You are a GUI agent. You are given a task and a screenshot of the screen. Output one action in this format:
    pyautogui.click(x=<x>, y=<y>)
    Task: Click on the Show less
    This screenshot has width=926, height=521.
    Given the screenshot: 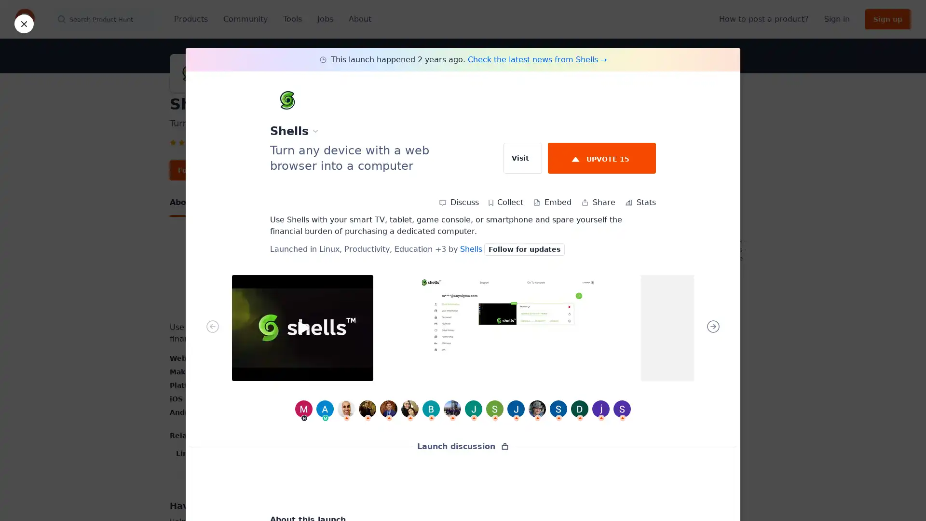 What is the action you would take?
    pyautogui.click(x=362, y=474)
    